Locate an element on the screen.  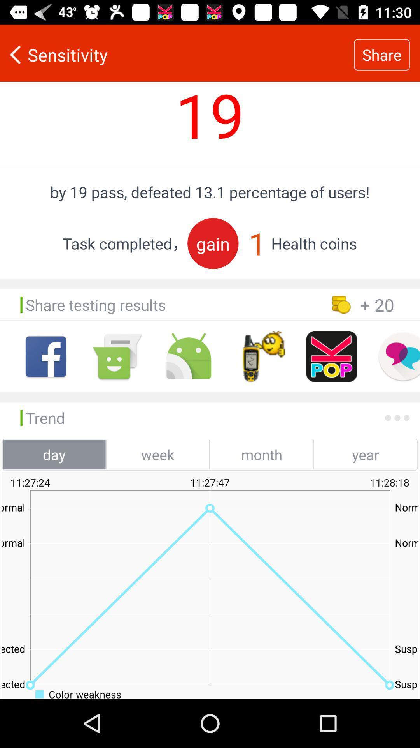
the chat icon is located at coordinates (399, 356).